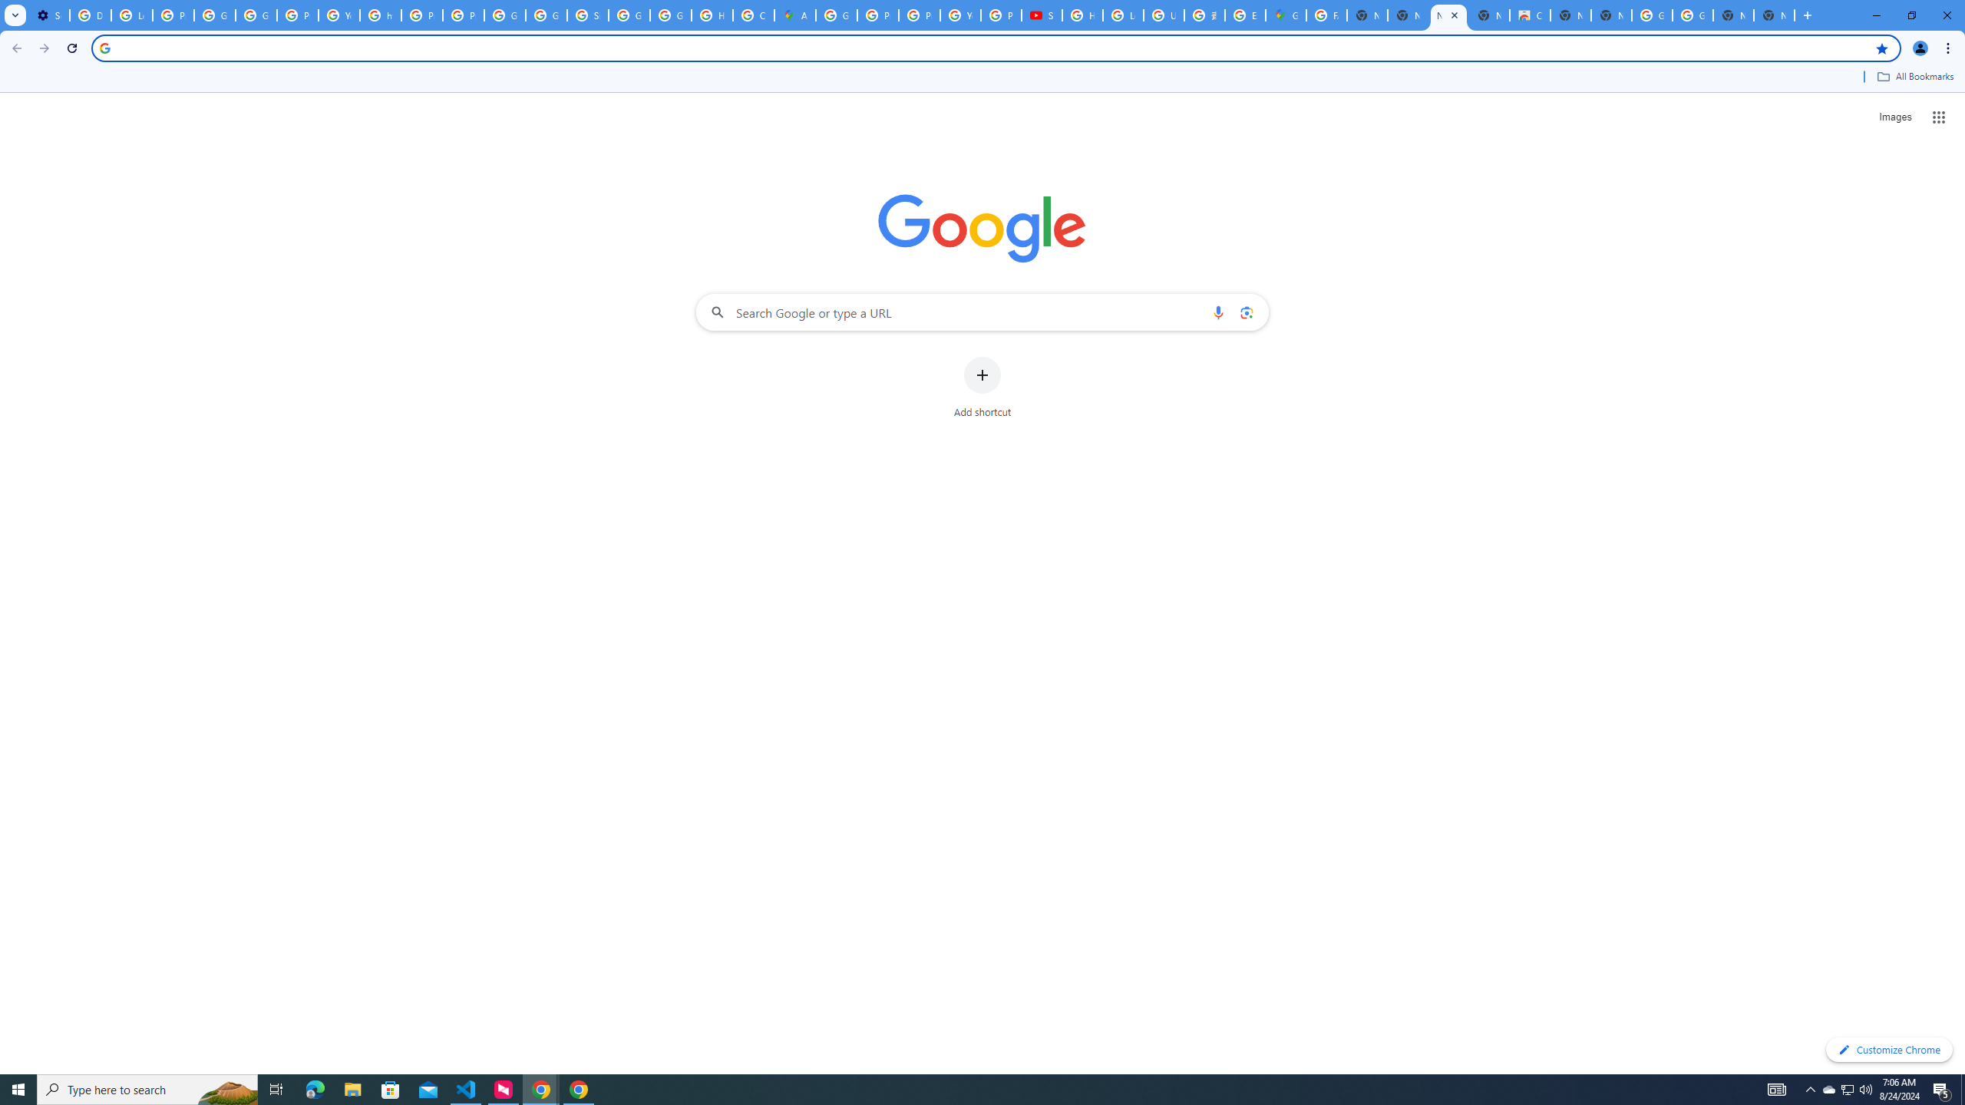 The width and height of the screenshot is (1965, 1105). What do you see at coordinates (213, 15) in the screenshot?
I see `'Google Account Help'` at bounding box center [213, 15].